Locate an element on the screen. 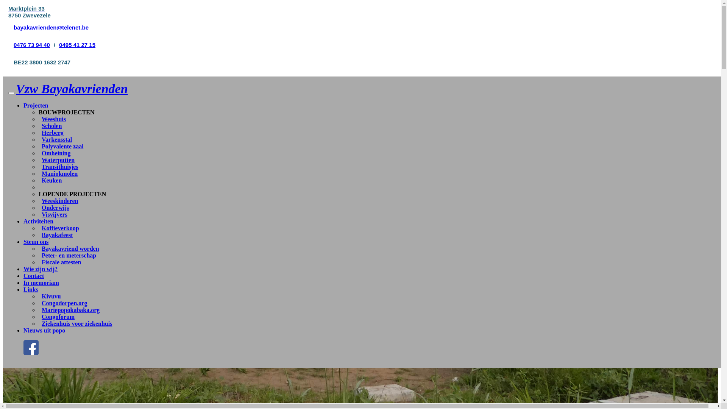  'Projecten' is located at coordinates (35, 105).